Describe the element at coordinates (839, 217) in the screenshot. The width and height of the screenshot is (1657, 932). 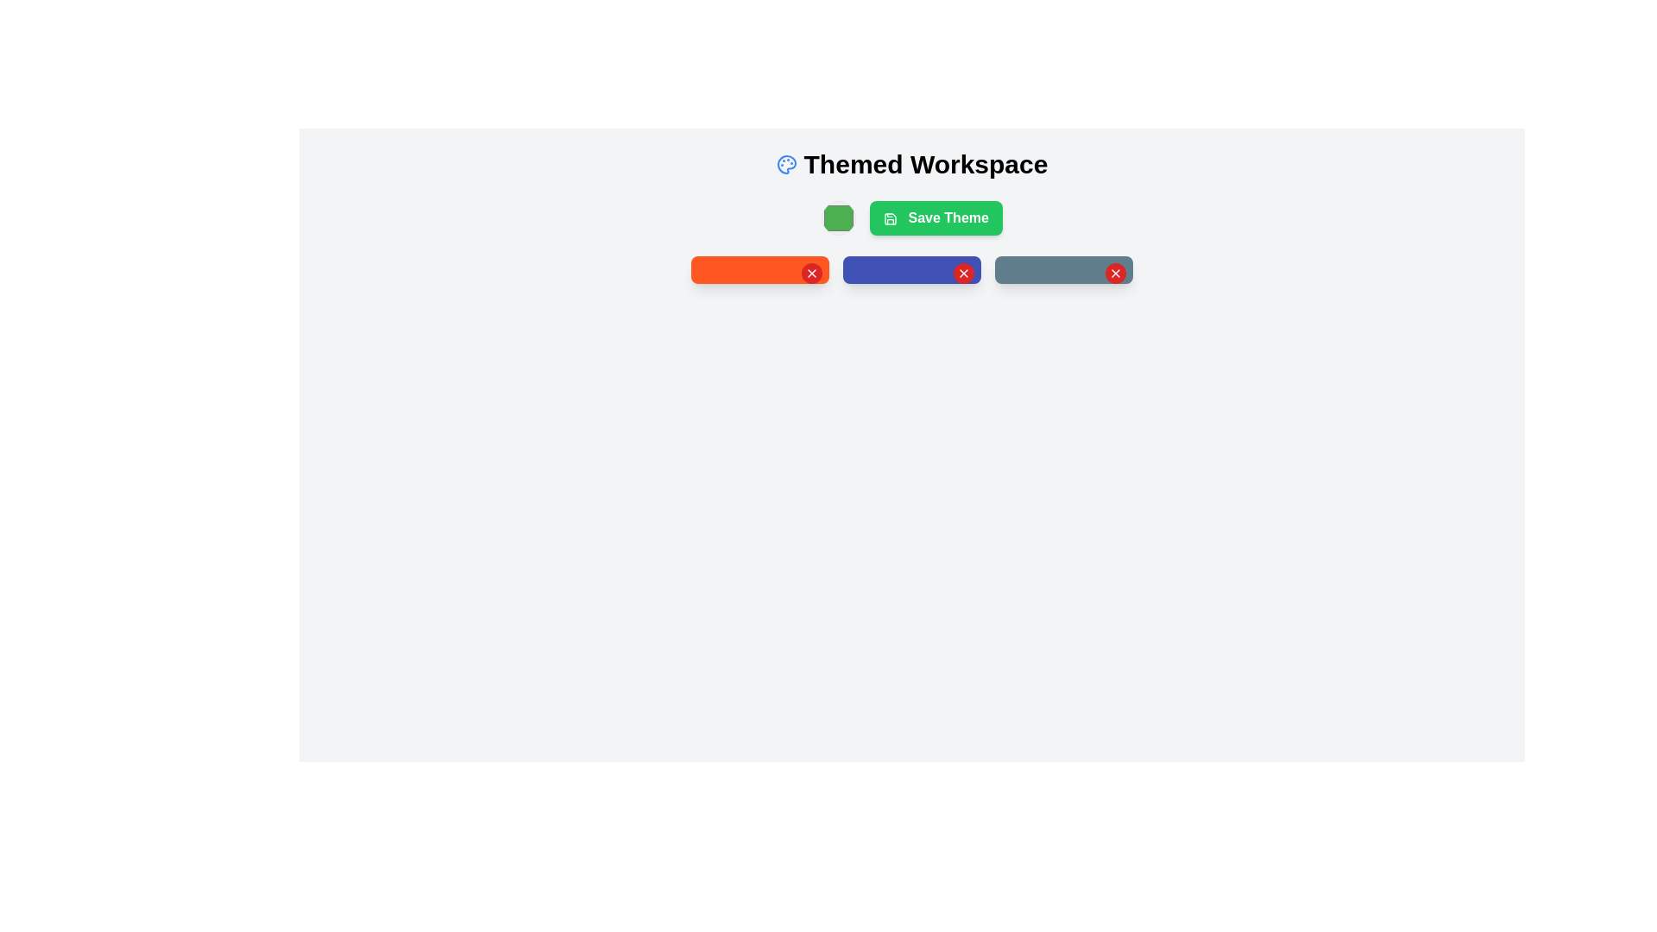
I see `the green circular color selection button located to the left of the 'Save Theme' button by` at that location.